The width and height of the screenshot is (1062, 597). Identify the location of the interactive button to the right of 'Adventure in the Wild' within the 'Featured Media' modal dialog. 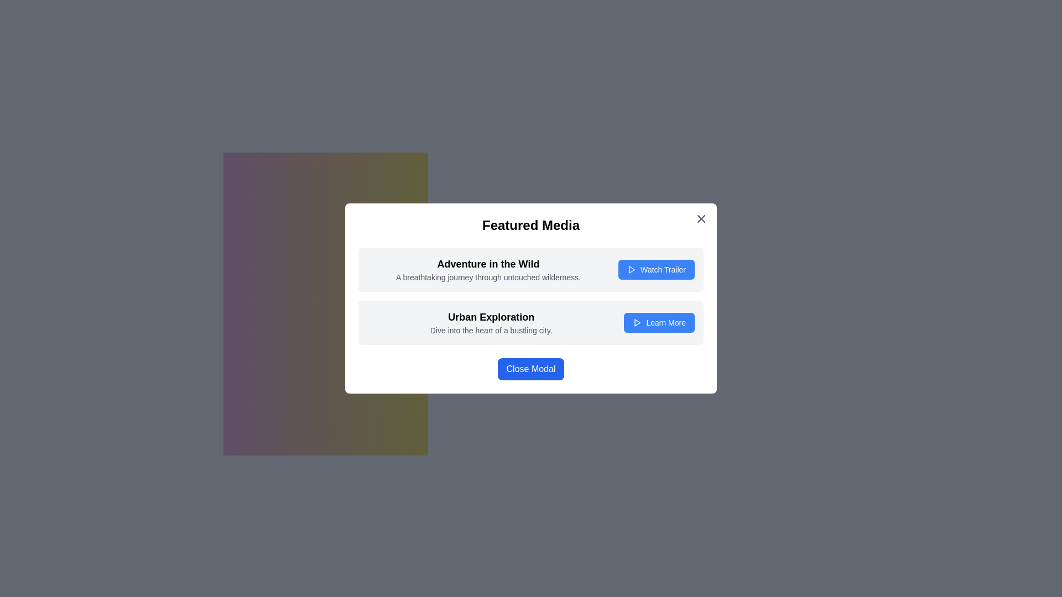
(663, 270).